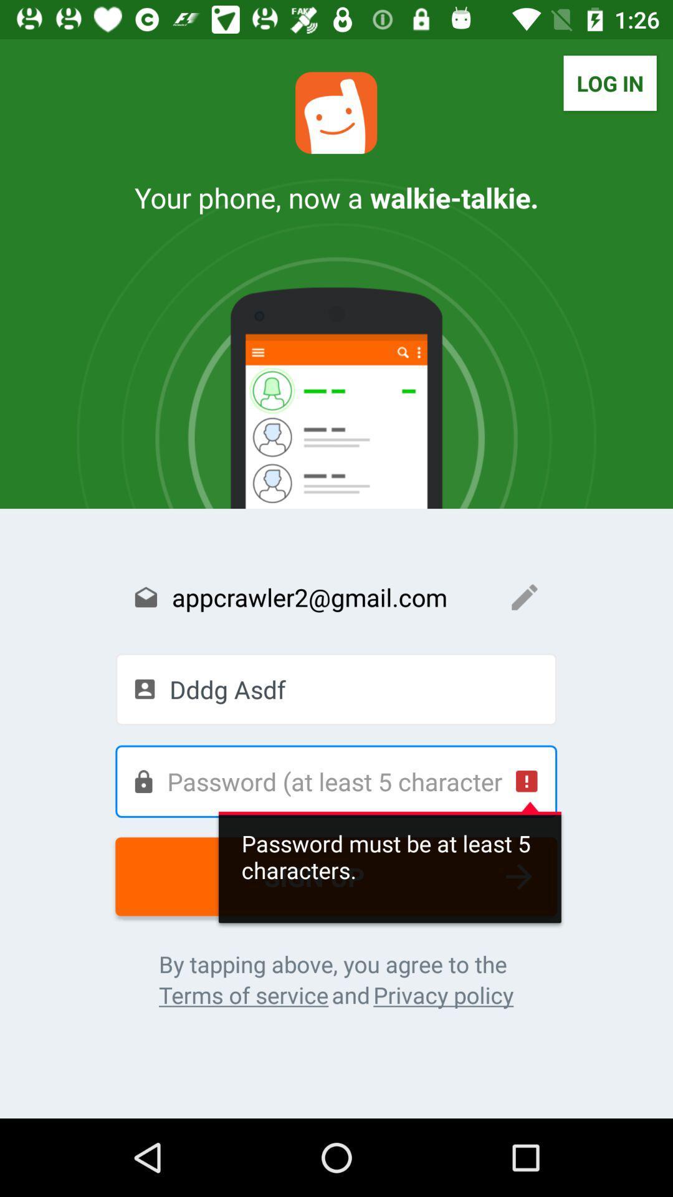 This screenshot has width=673, height=1197. Describe the element at coordinates (335, 876) in the screenshot. I see `the icon above by tapping above icon` at that location.